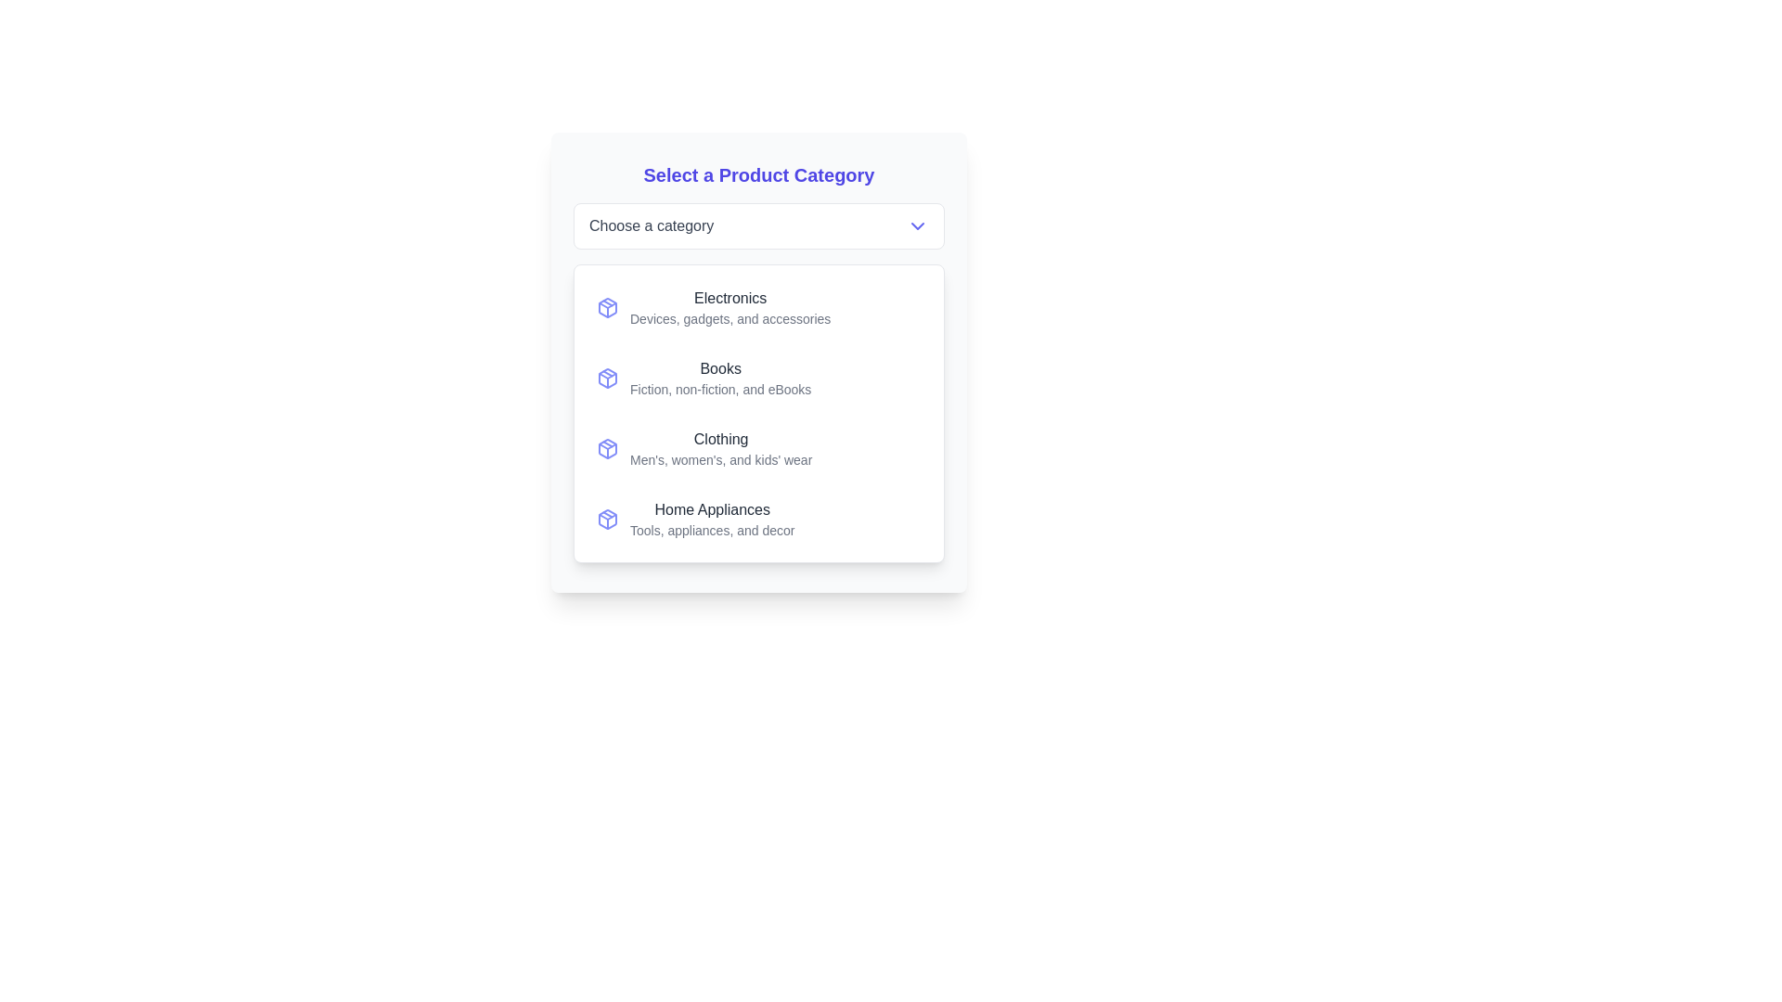 The image size is (1782, 1002). Describe the element at coordinates (758, 362) in the screenshot. I see `the second item in the selectable list panel, labeled 'Books'` at that location.